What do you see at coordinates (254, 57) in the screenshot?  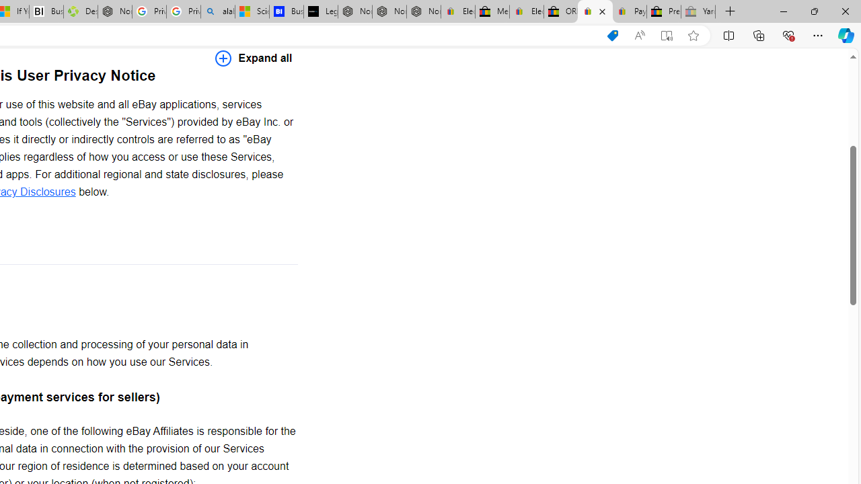 I see `'Expand all'` at bounding box center [254, 57].